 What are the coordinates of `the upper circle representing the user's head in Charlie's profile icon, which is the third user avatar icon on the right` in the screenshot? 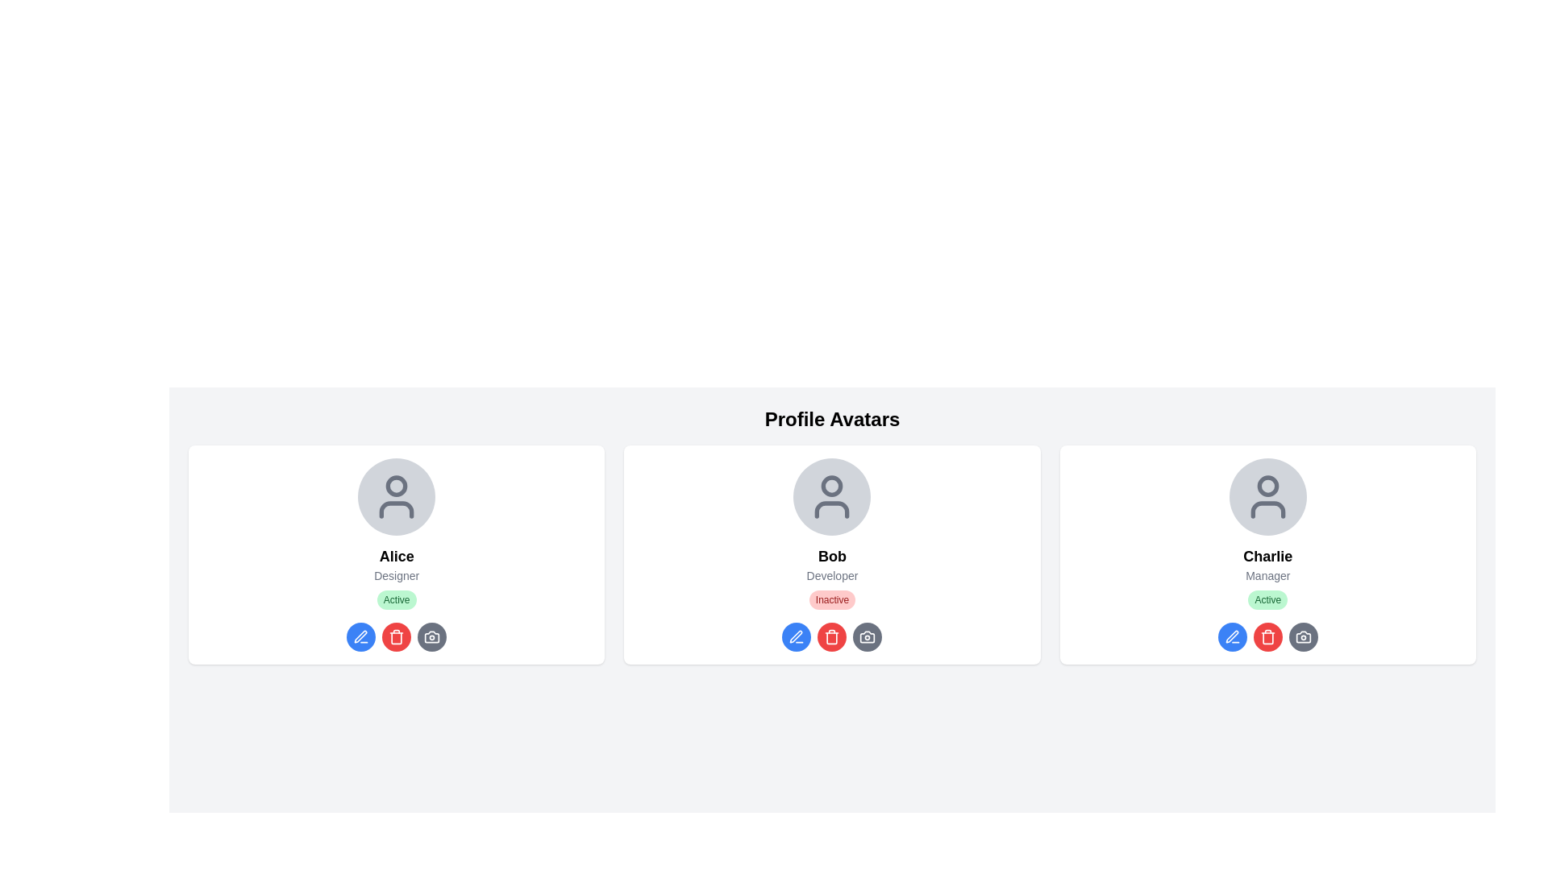 It's located at (1267, 485).